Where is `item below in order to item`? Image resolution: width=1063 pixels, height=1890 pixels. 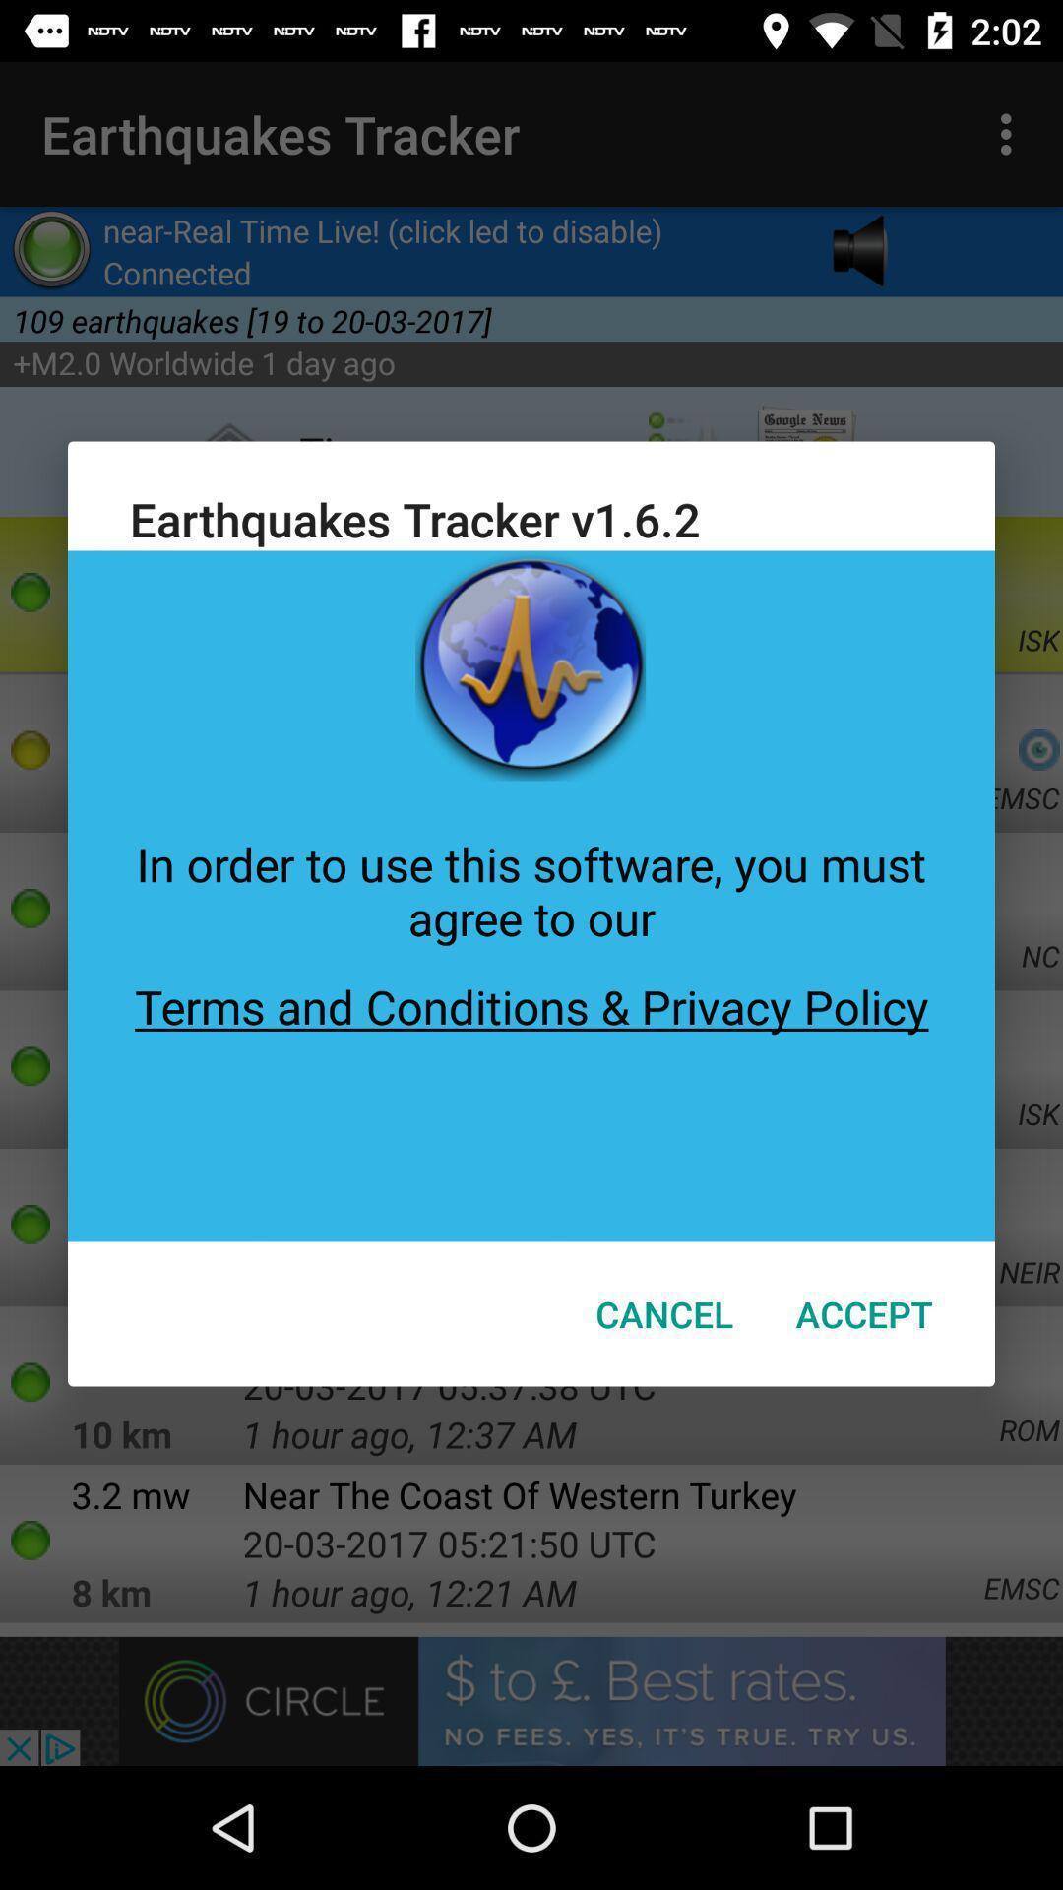
item below in order to item is located at coordinates (531, 1095).